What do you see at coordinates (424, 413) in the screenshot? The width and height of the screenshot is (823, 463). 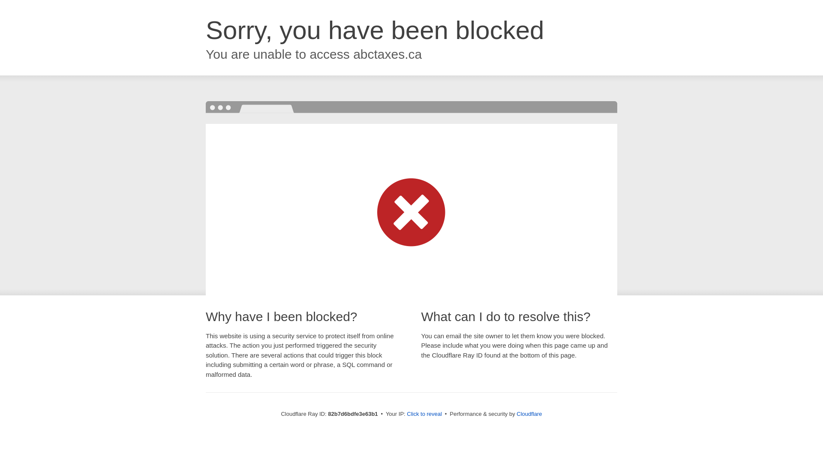 I see `'Click to reveal'` at bounding box center [424, 413].